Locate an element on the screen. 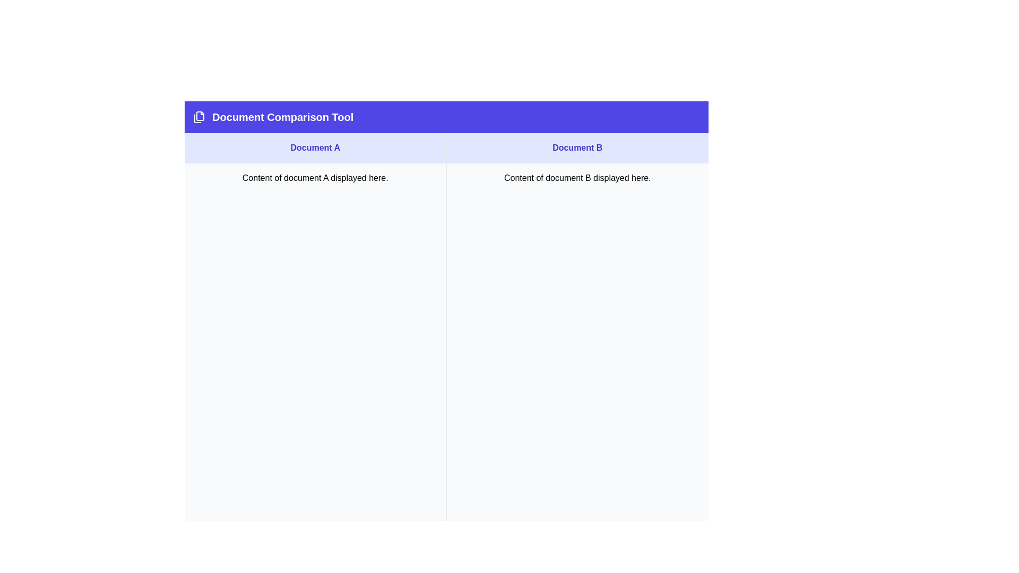 The image size is (1019, 573). the header displaying 'Document B' in bold font with a soft indigo background, located at the top right of a two-column layout is located at coordinates (577, 148).